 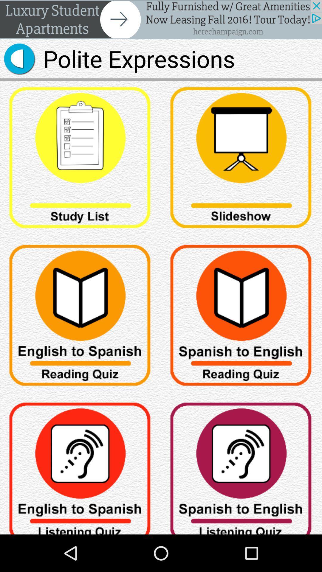 What do you see at coordinates (161, 19) in the screenshot?
I see `addvadisment` at bounding box center [161, 19].